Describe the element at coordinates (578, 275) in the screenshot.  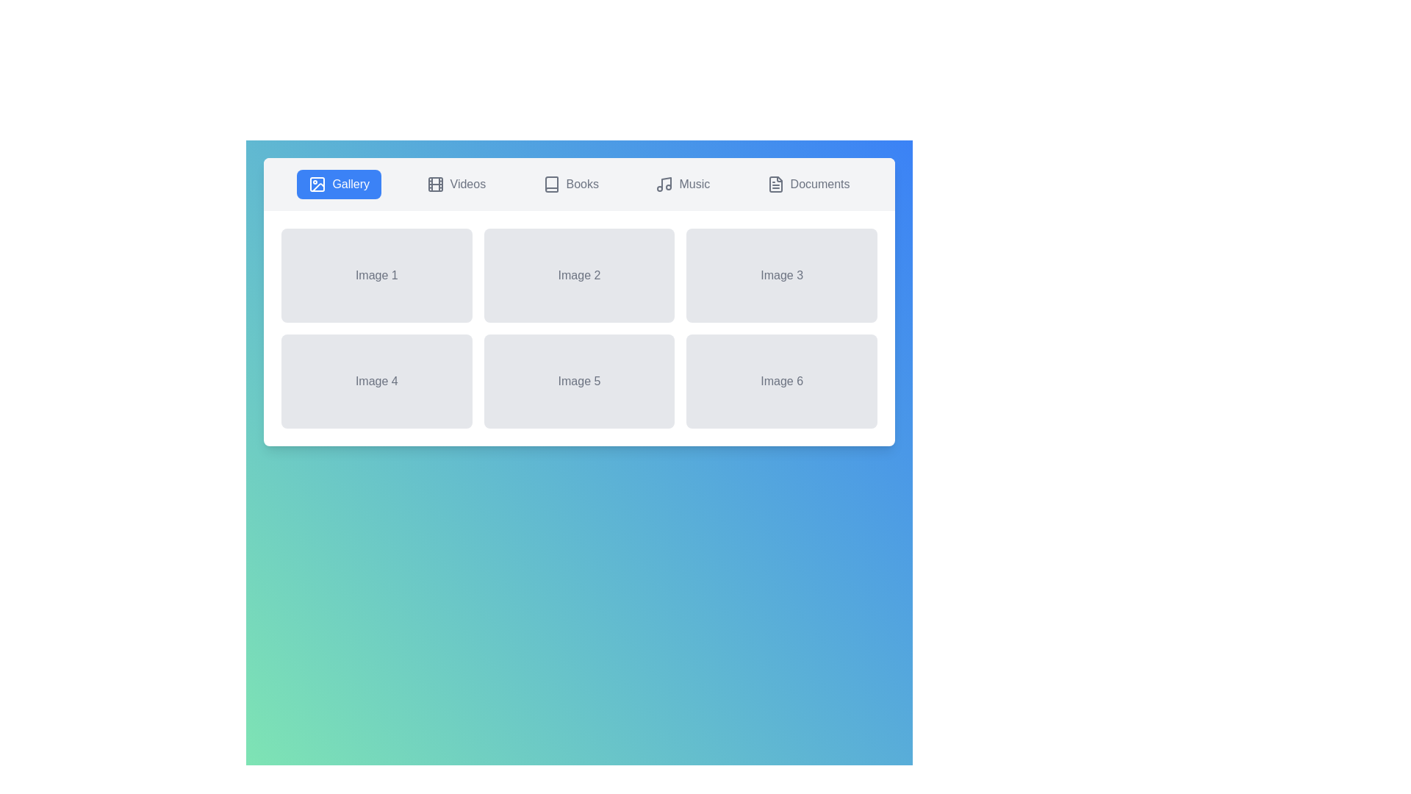
I see `the rectangular card element with rounded corners containing the text 'Image 2' in the middle column of a 3x2 grid layout` at that location.